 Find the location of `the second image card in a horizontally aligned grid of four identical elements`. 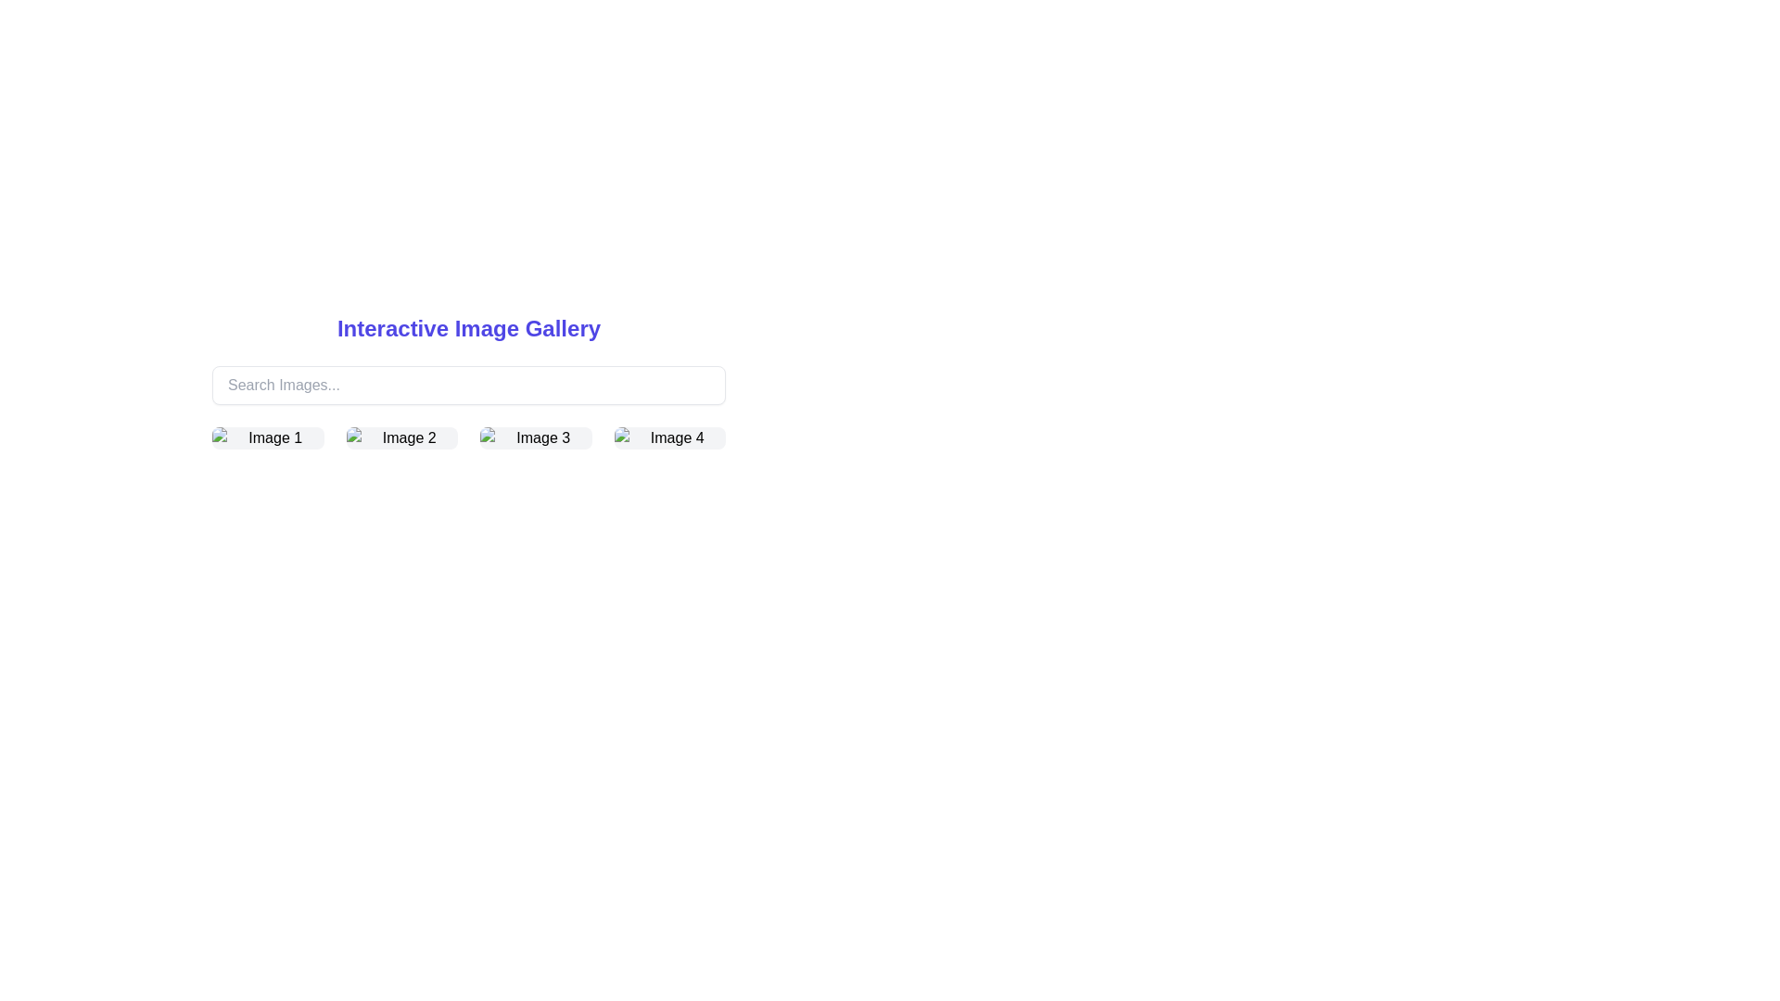

the second image card in a horizontally aligned grid of four identical elements is located at coordinates (400, 438).